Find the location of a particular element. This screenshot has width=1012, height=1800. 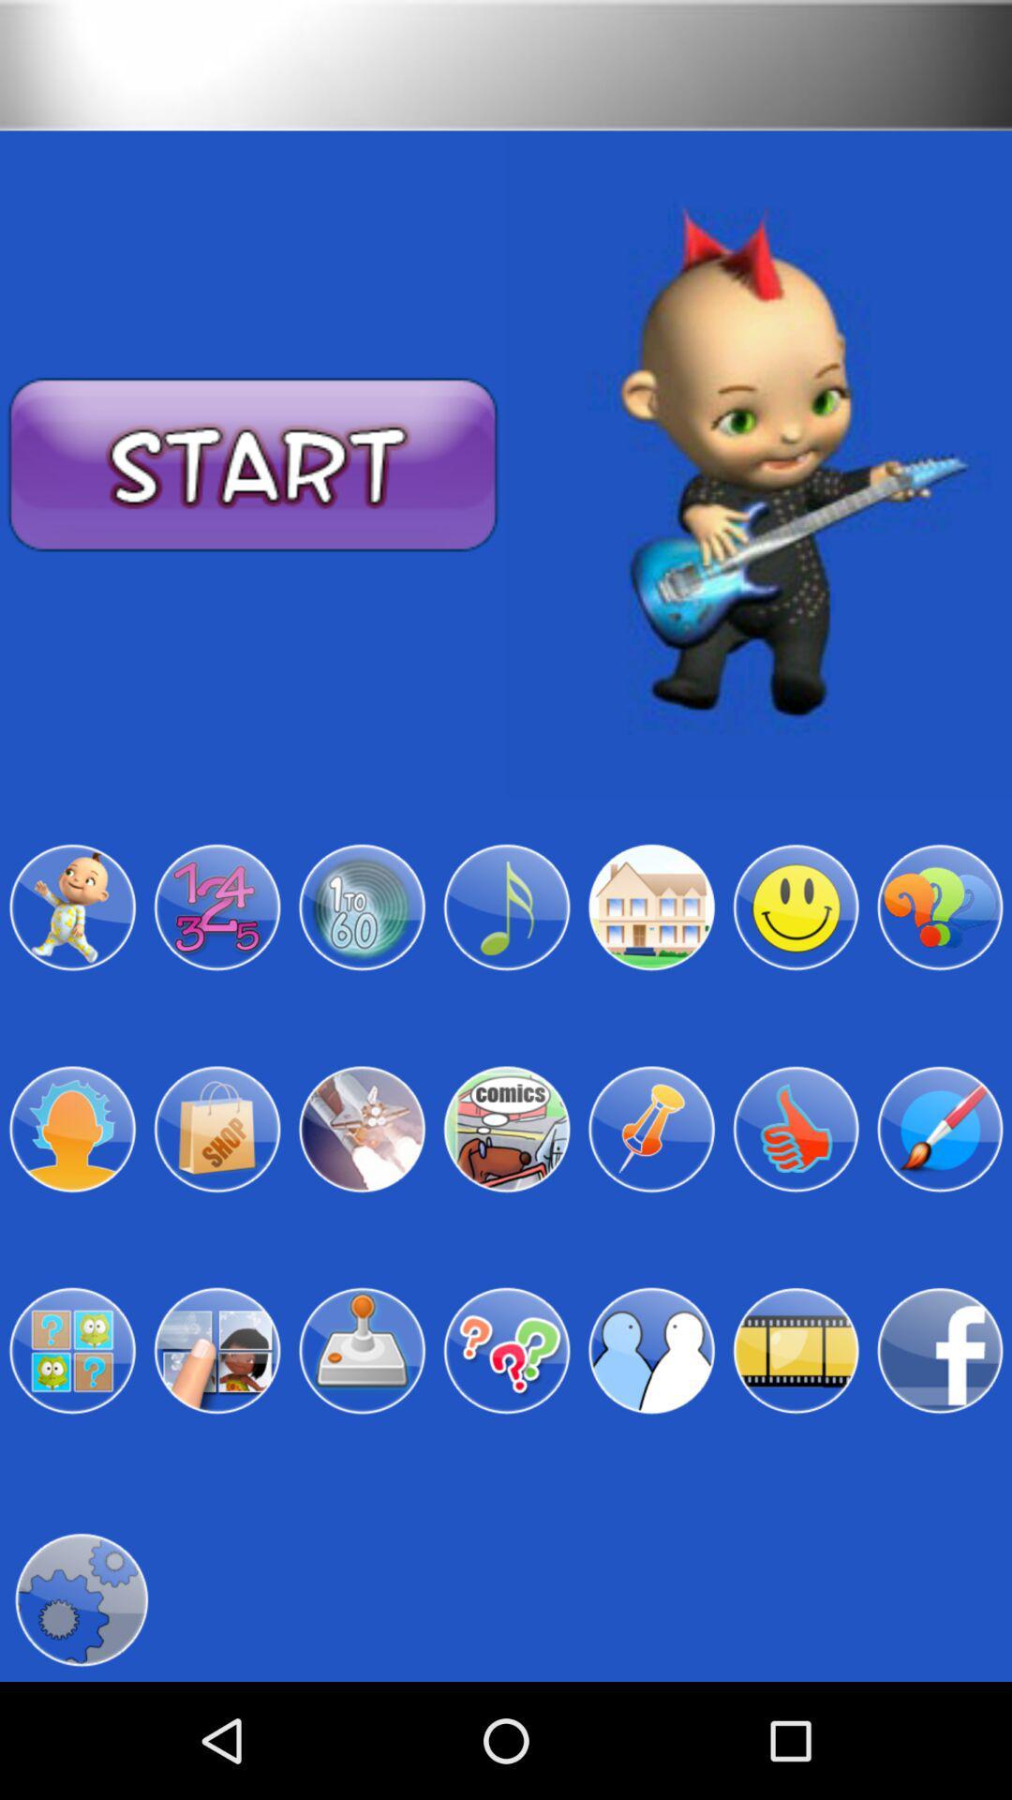

open app is located at coordinates (506, 1351).